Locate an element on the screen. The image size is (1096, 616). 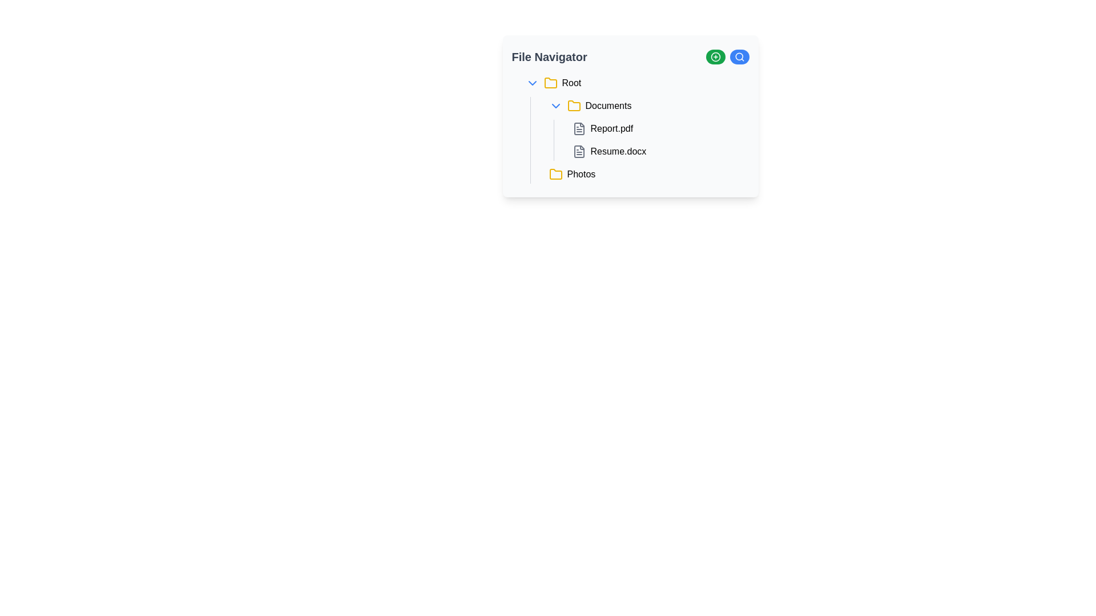
the clickable file entry labeled 'Report.pdf' in the Documents section of the file explorer is located at coordinates (634, 128).